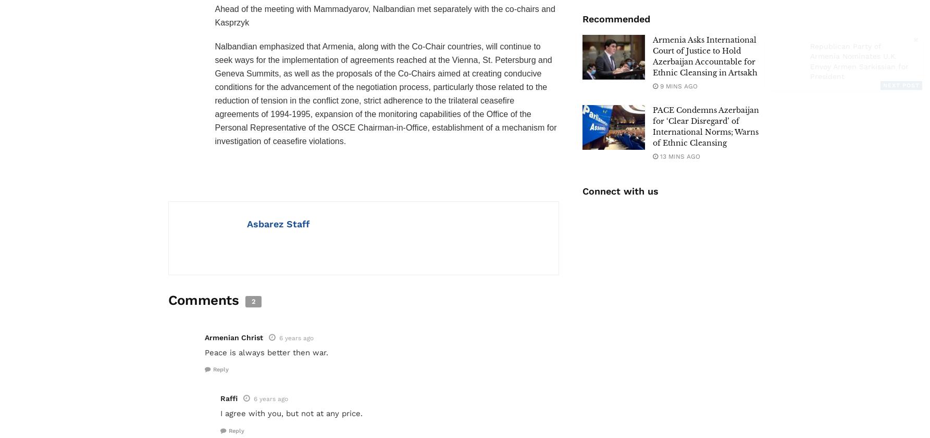  Describe the element at coordinates (704, 55) in the screenshot. I see `'Armenia Asks International Court of Justice to Hold Azerbaijan Accountable for Ethnic Cleansing in Artsakh'` at that location.